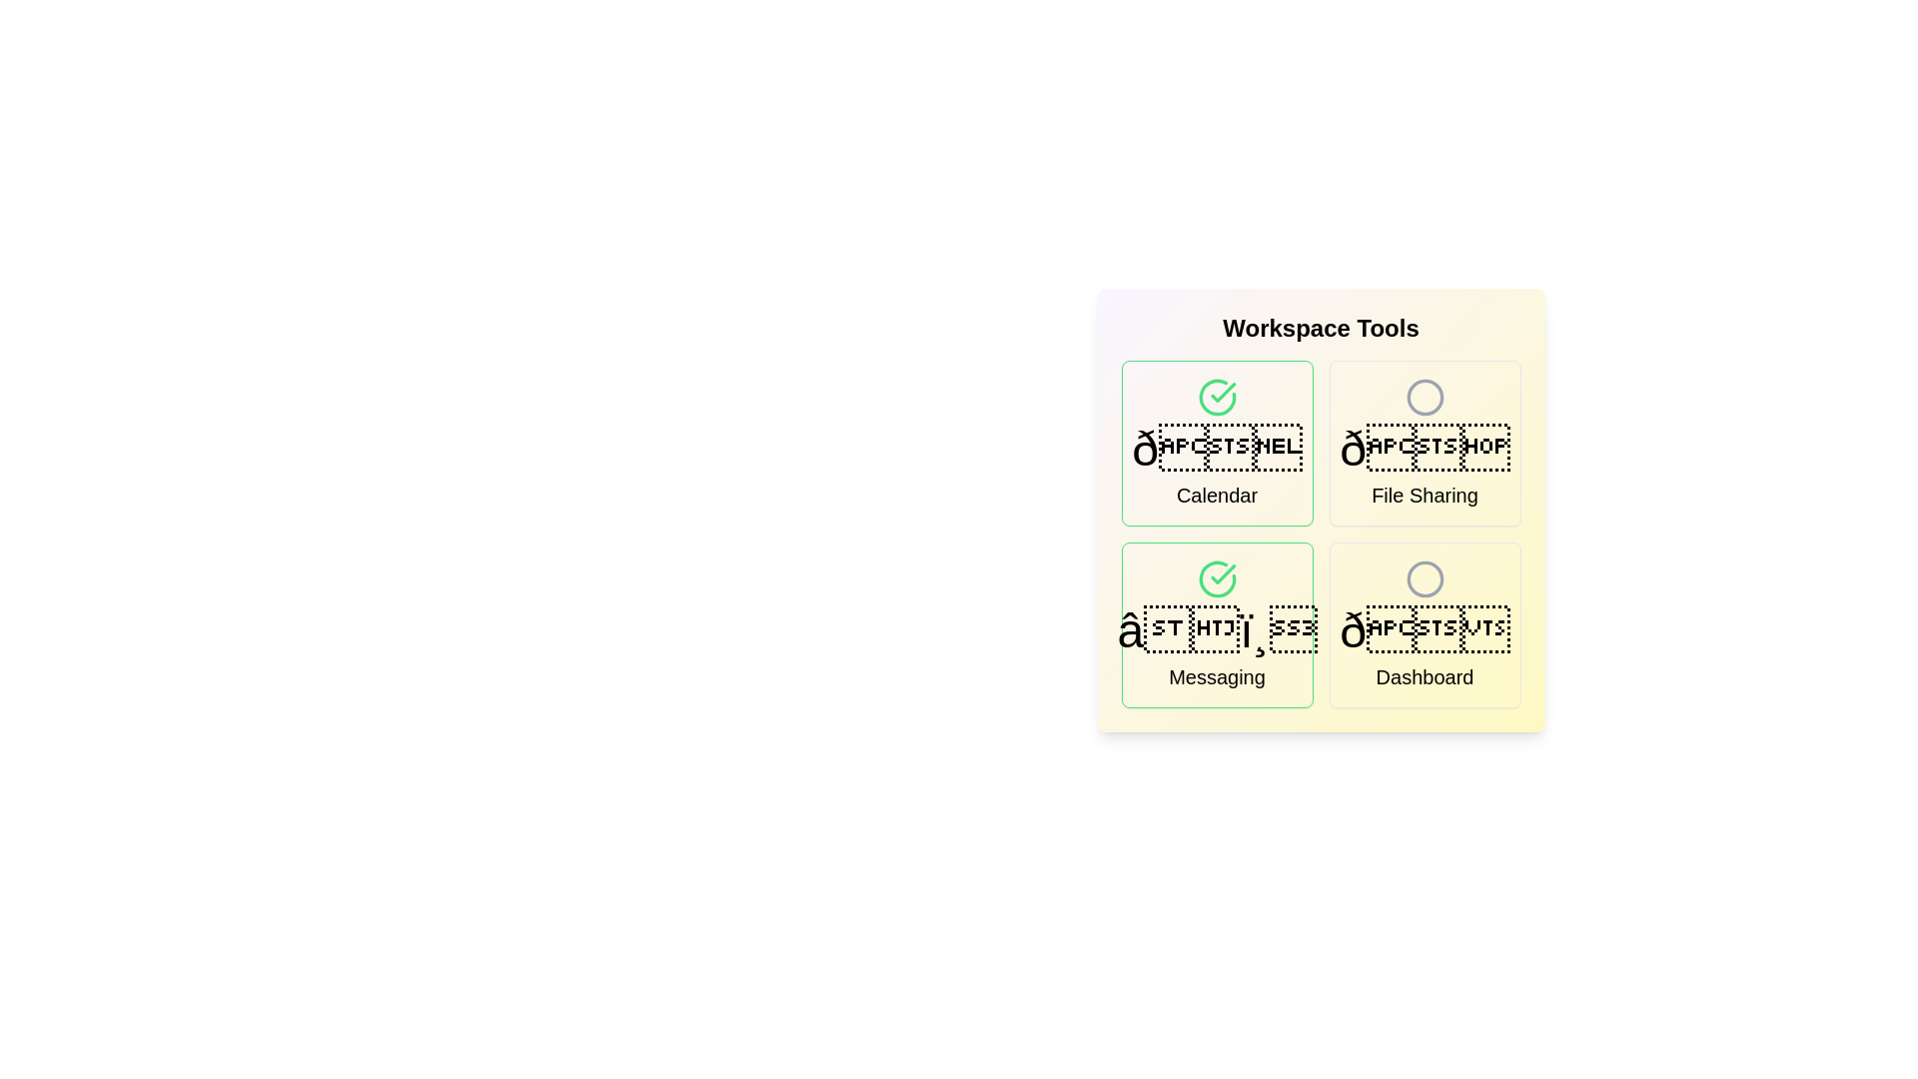 The image size is (1918, 1079). I want to click on the tool identified by Dashboard, so click(1424, 623).